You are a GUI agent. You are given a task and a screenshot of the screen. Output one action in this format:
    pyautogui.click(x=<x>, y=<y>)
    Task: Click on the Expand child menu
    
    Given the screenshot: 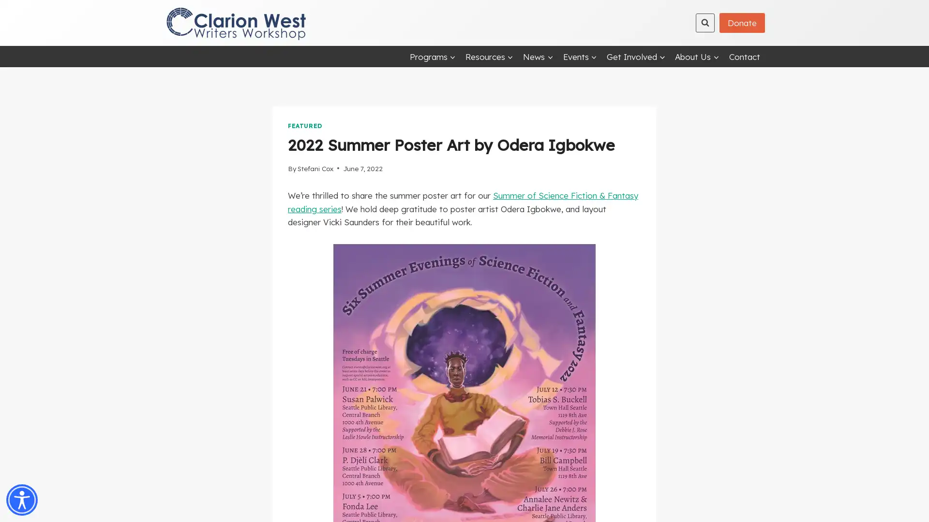 What is the action you would take?
    pyautogui.click(x=580, y=56)
    